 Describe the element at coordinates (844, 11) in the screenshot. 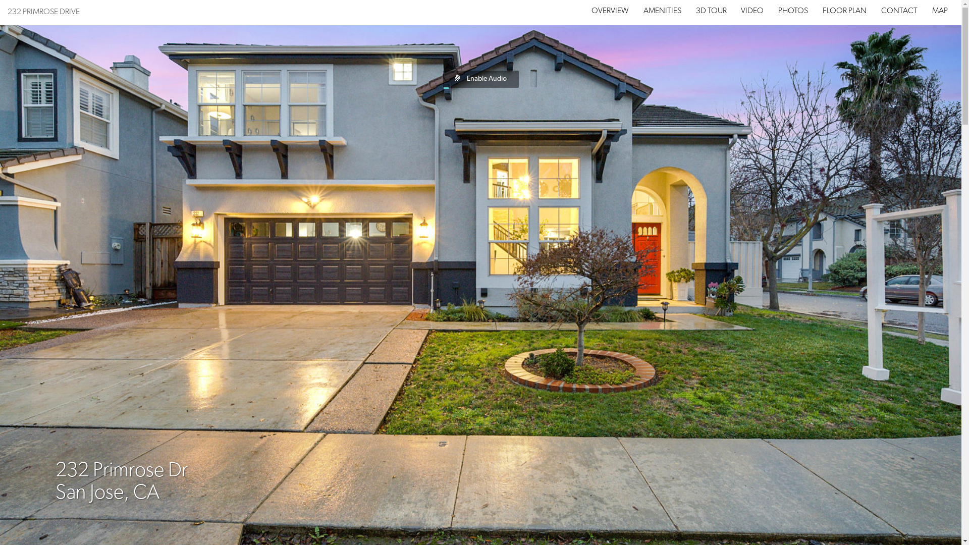

I see `'FLOOR PLAN'` at that location.